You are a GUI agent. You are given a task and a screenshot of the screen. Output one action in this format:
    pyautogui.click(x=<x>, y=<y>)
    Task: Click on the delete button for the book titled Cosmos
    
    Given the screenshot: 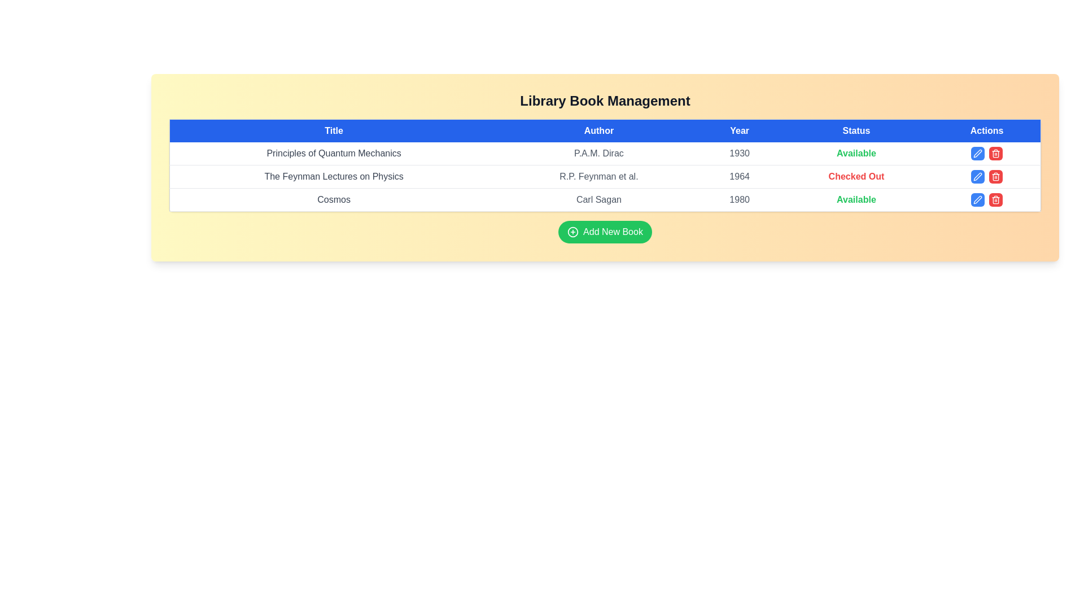 What is the action you would take?
    pyautogui.click(x=996, y=199)
    